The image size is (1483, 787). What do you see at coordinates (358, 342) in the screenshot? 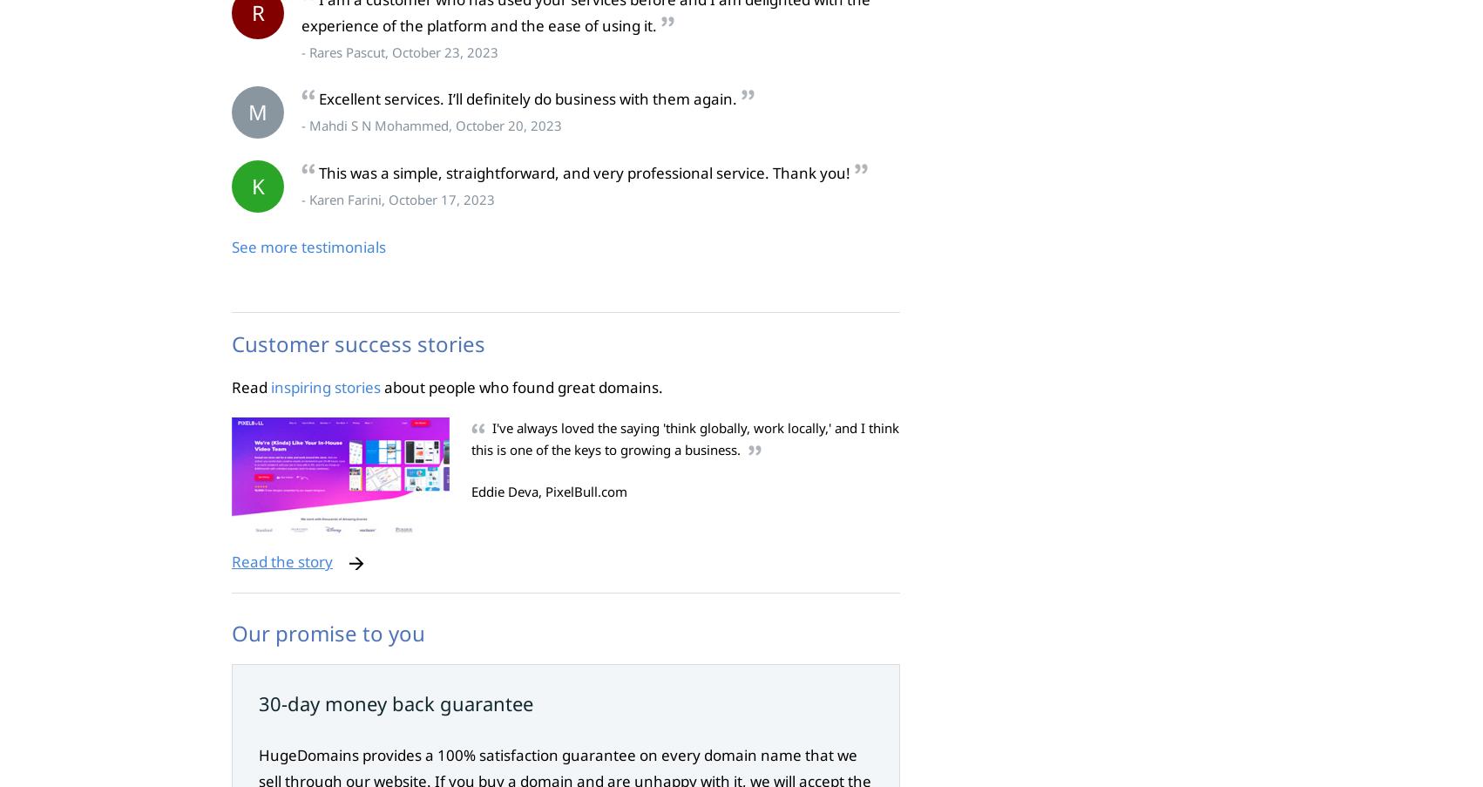
I see `'Customer success stories'` at bounding box center [358, 342].